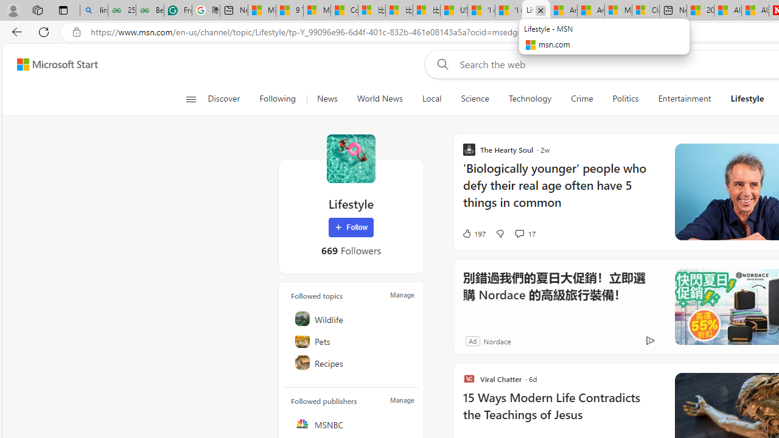 The width and height of the screenshot is (779, 438). What do you see at coordinates (645, 10) in the screenshot?
I see `'Cloud Computing Services | Microsoft Azure'` at bounding box center [645, 10].